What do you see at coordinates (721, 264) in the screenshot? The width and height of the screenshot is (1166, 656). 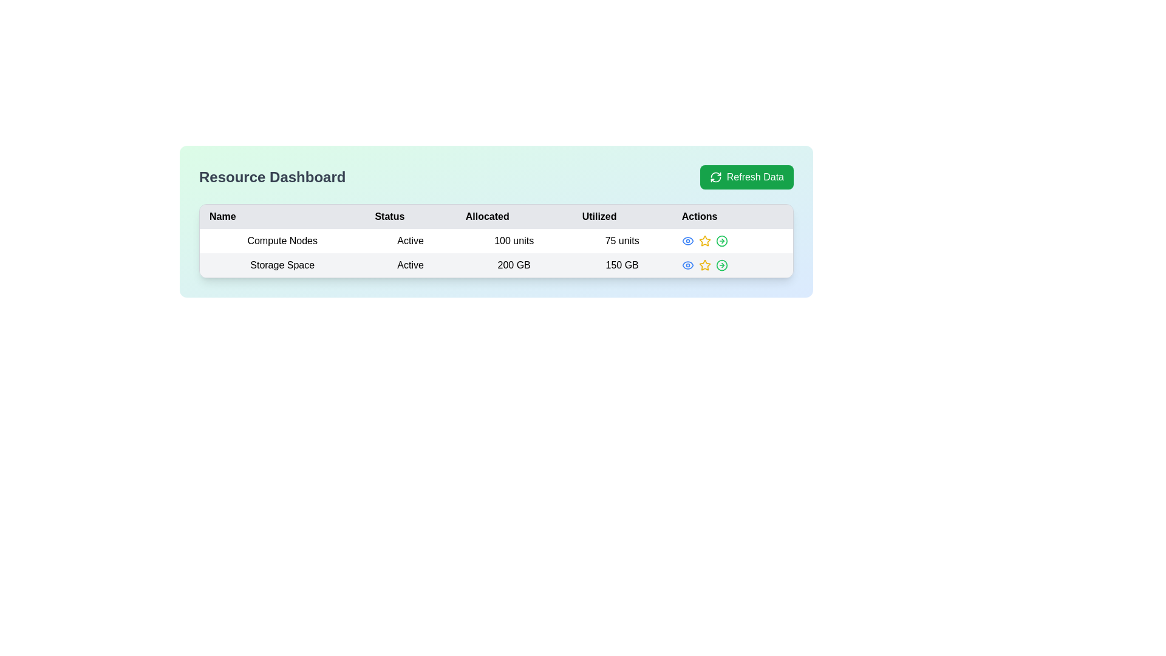 I see `the decorative graphic element representing a circular arrow icon in the 'Actions' column of the second row of the resource table` at bounding box center [721, 264].